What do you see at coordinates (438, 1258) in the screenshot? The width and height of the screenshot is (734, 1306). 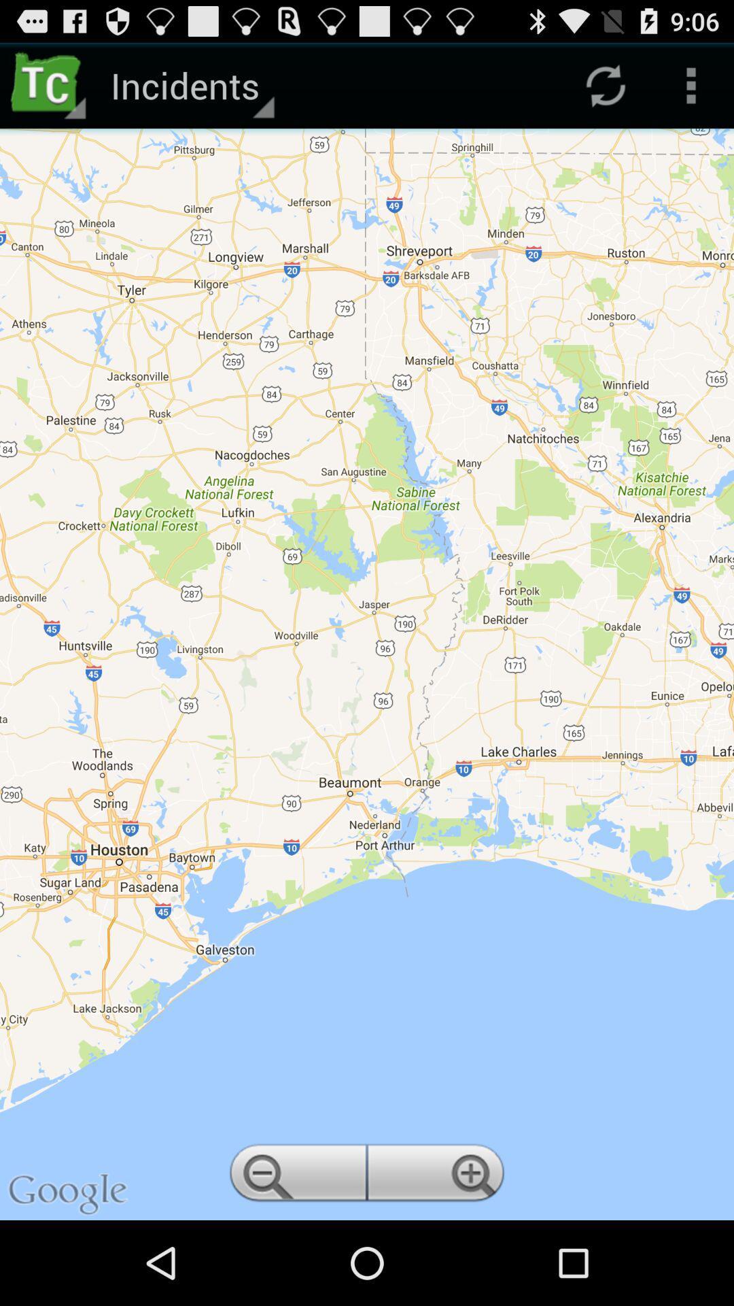 I see `the globe icon` at bounding box center [438, 1258].